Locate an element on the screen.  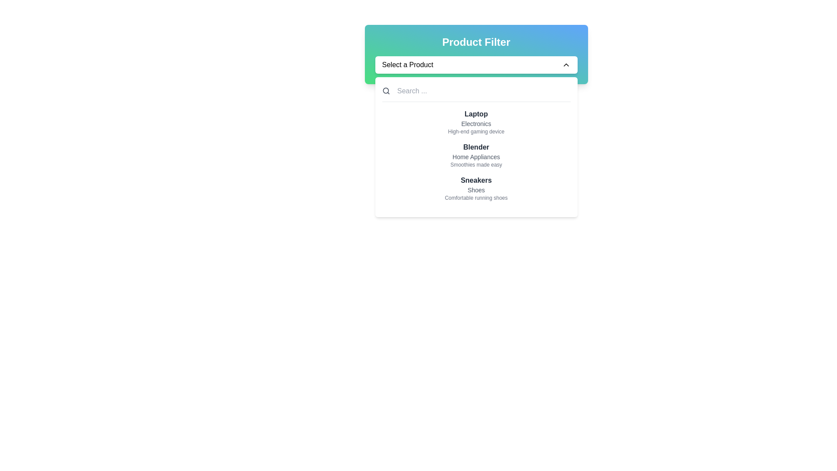
the second option in the dropdown menu for selecting a product category, which is positioned below 'Laptop' and above 'Sneakers', to trigger the hover effect is located at coordinates (476, 154).